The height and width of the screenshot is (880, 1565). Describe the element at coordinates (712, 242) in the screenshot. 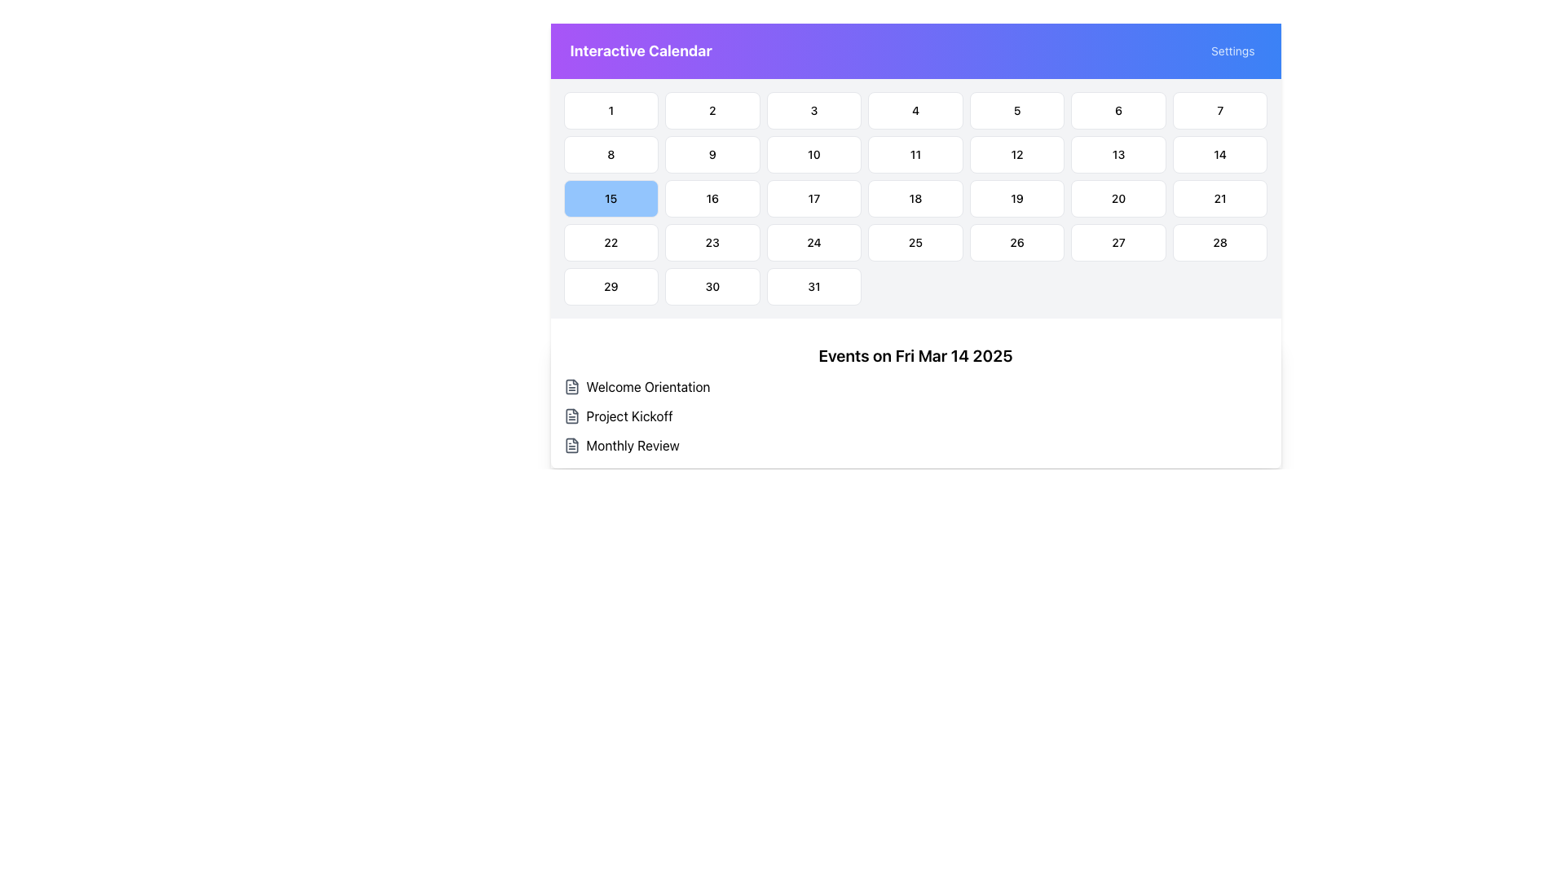

I see `the Date cell representing the date '23' in the calendar grid below the title 'Interactive Calendar'` at that location.